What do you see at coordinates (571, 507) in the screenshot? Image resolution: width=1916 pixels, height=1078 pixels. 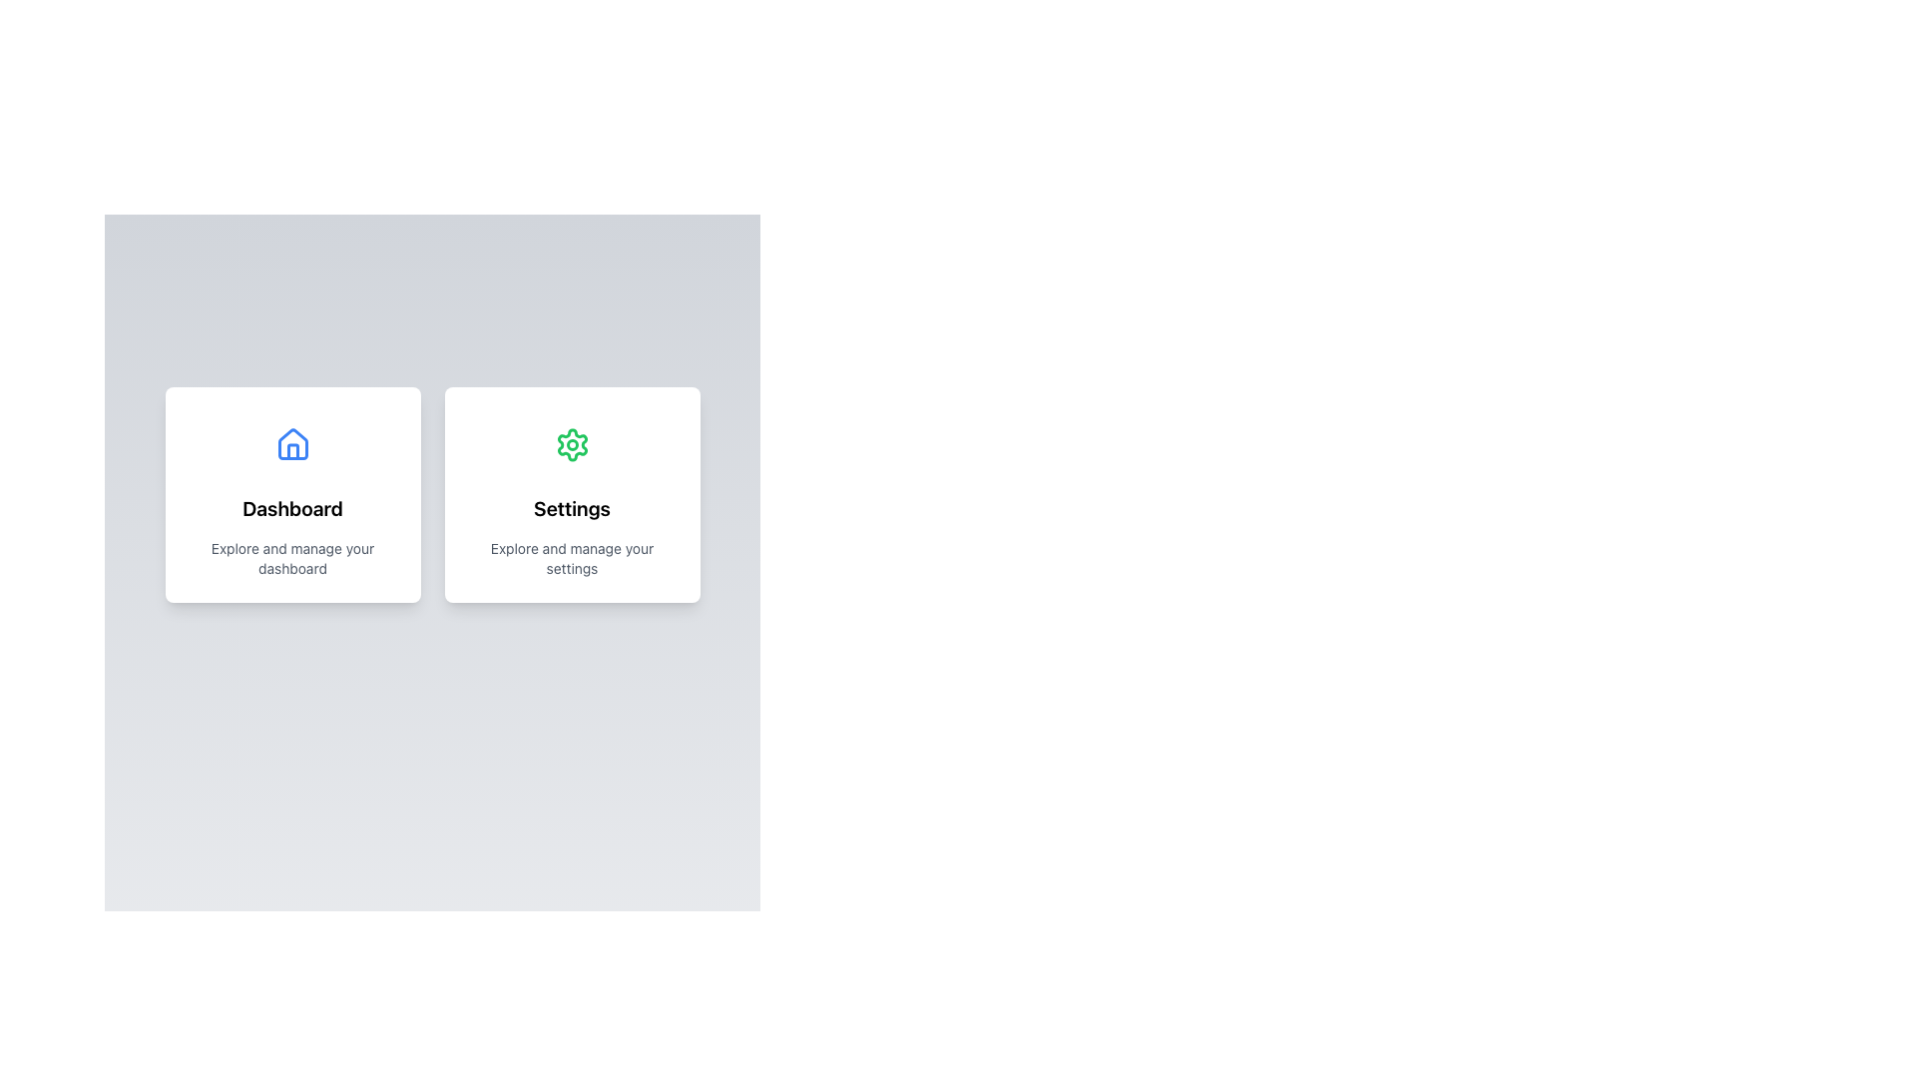 I see `the text label that serves as the title or header for the settings card, located below a gear icon in the right-hand card of a two-card layout` at bounding box center [571, 507].